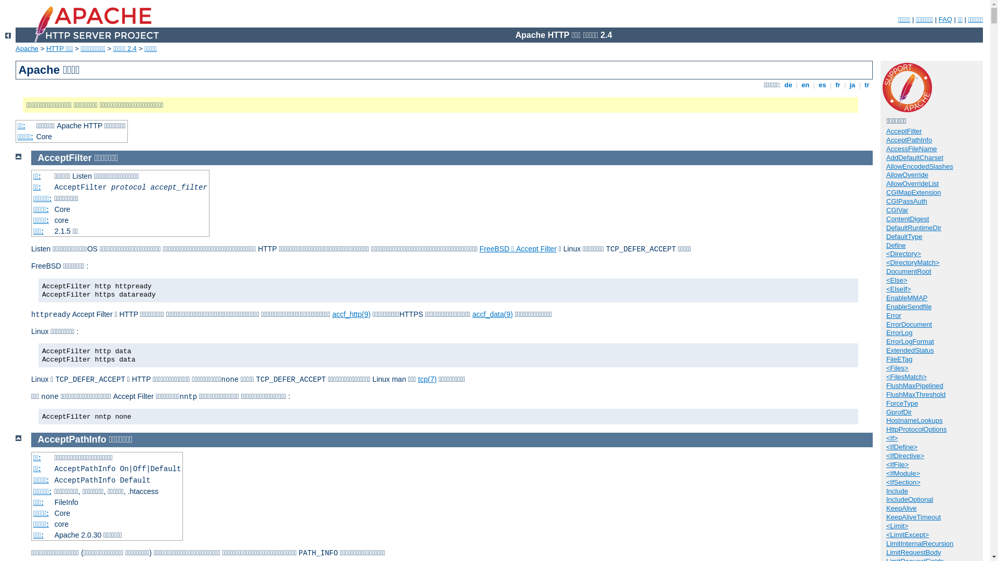 The width and height of the screenshot is (998, 561). What do you see at coordinates (910, 350) in the screenshot?
I see `'ExtendedStatus'` at bounding box center [910, 350].